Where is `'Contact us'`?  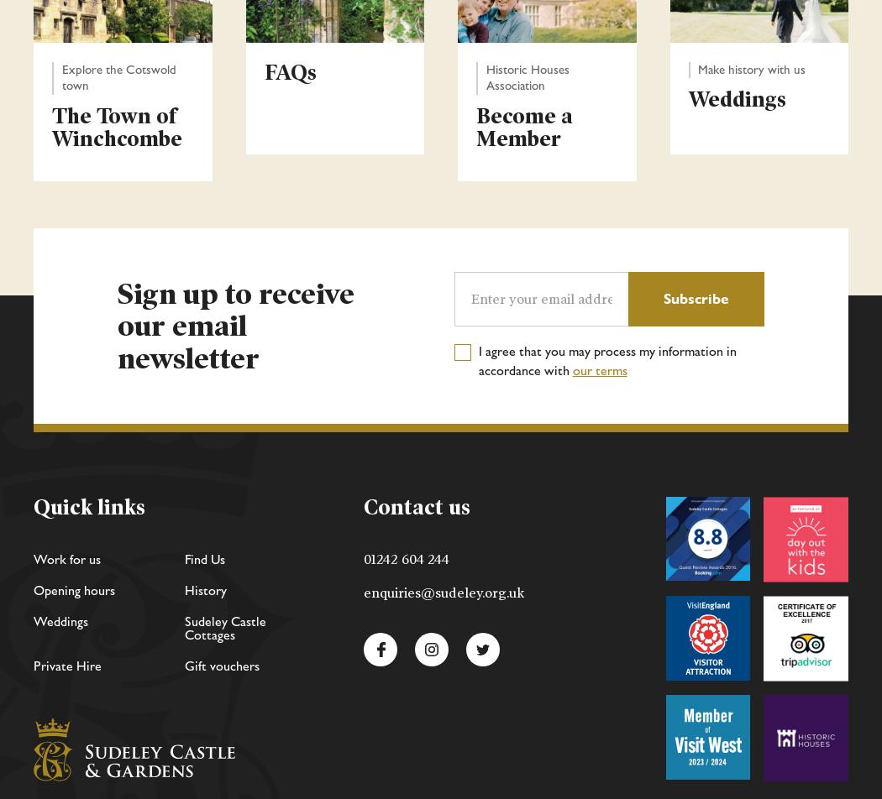
'Contact us' is located at coordinates (416, 507).